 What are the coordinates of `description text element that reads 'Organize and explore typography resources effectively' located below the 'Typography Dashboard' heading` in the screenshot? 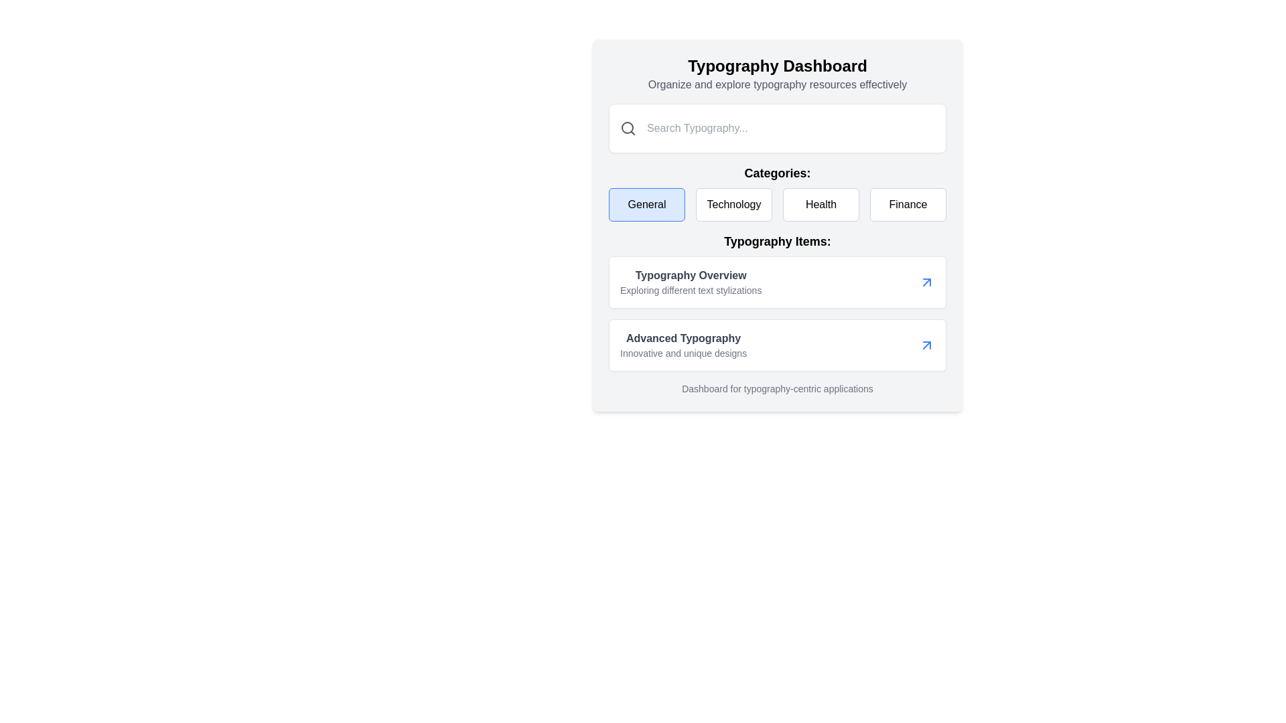 It's located at (778, 85).